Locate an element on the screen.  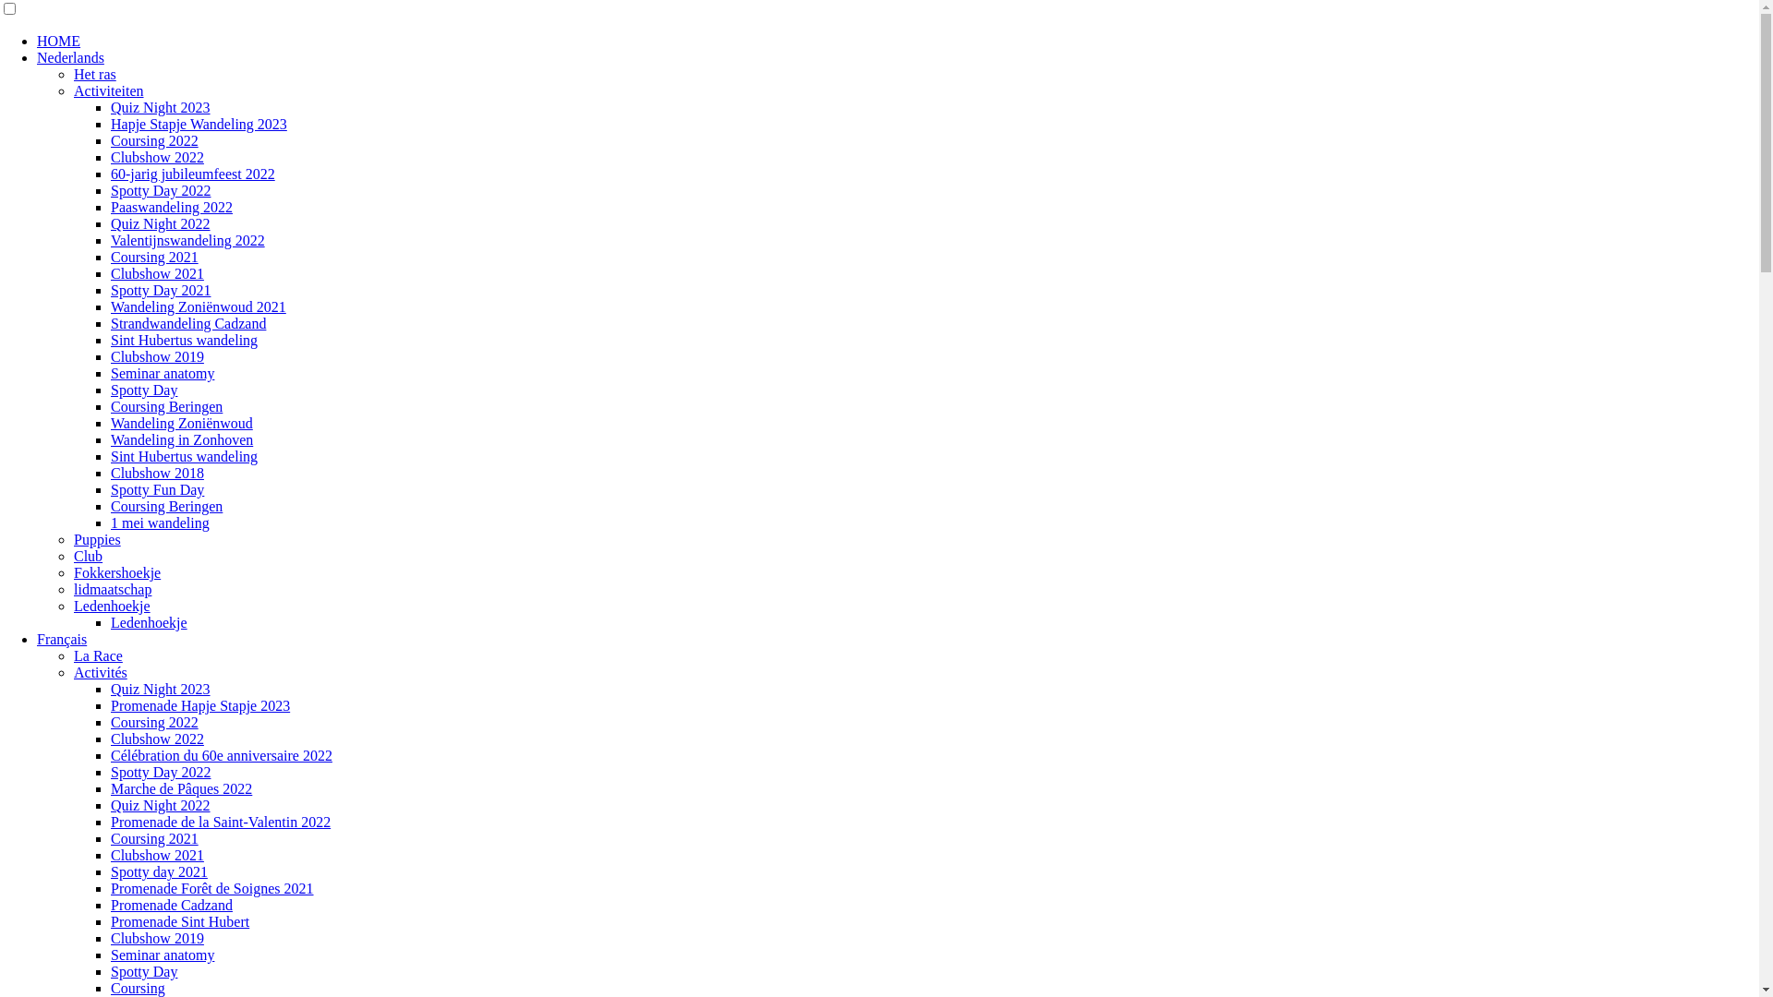
'Seminar anatomy' is located at coordinates (163, 373).